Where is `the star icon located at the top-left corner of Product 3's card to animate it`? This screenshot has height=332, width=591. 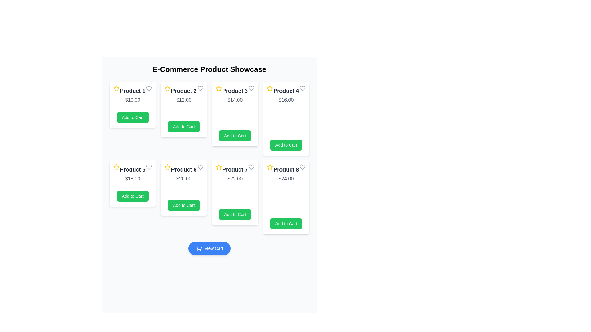 the star icon located at the top-left corner of Product 3's card to animate it is located at coordinates (219, 88).